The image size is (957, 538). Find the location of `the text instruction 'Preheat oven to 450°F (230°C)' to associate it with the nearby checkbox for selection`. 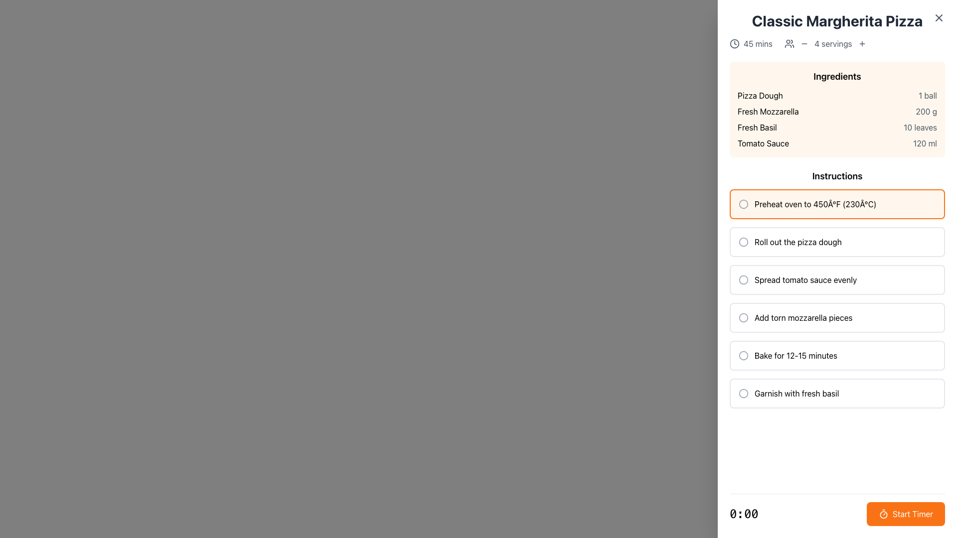

the text instruction 'Preheat oven to 450°F (230°C)' to associate it with the nearby checkbox for selection is located at coordinates (815, 203).